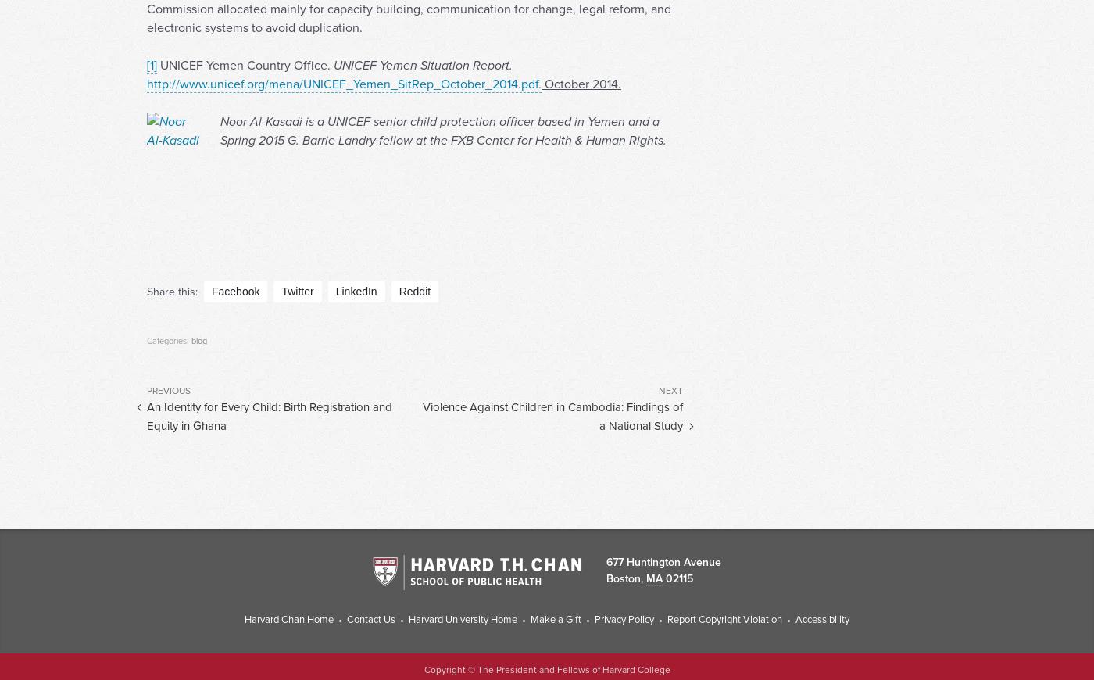 The height and width of the screenshot is (680, 1094). Describe the element at coordinates (670, 420) in the screenshot. I see `'Next'` at that location.